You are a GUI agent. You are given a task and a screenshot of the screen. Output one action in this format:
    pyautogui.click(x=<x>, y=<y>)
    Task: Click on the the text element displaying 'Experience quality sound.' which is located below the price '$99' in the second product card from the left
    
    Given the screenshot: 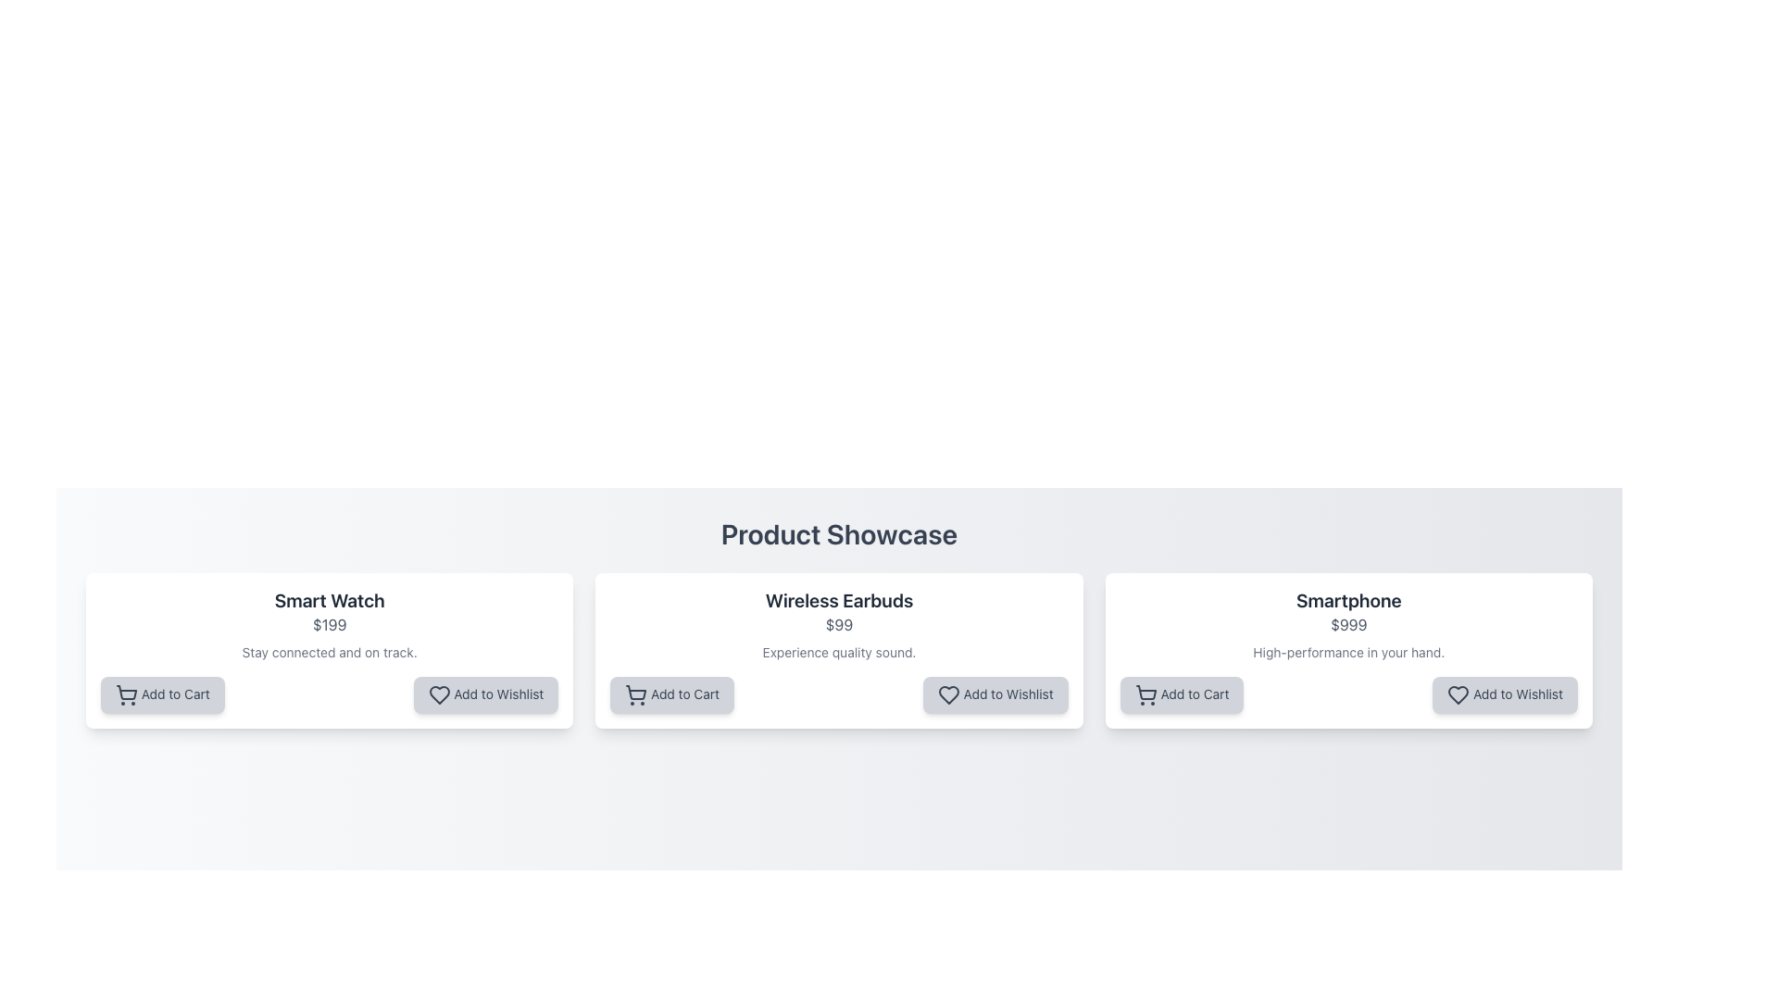 What is the action you would take?
    pyautogui.click(x=838, y=652)
    